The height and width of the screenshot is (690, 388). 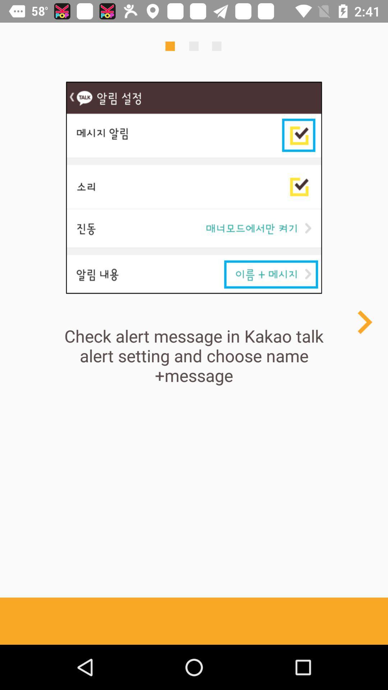 What do you see at coordinates (364, 322) in the screenshot?
I see `the arrow_forward icon` at bounding box center [364, 322].